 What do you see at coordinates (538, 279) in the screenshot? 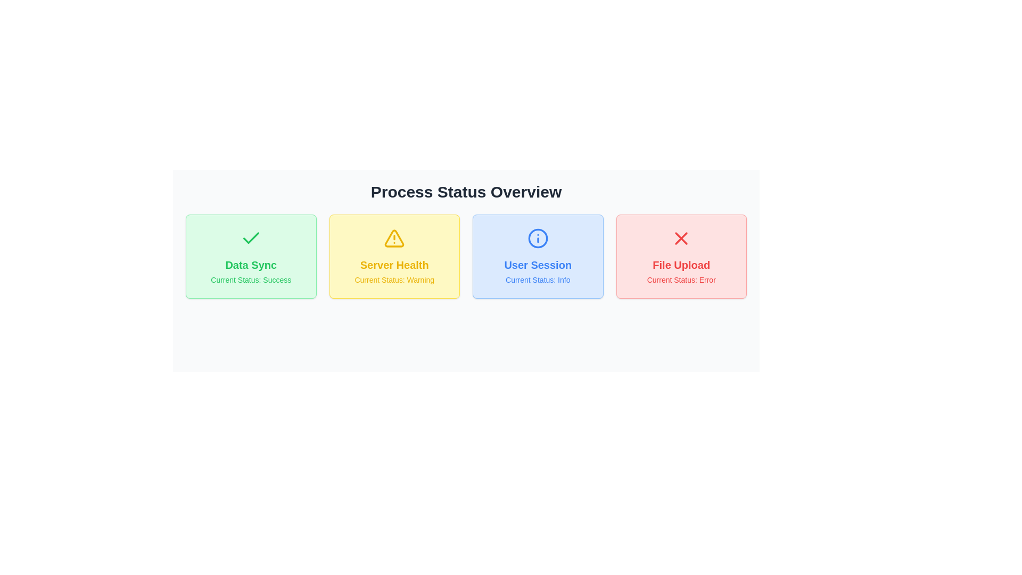
I see `the text label displaying 'Current Status: Info', which is located directly below the 'User Session' heading in the blue background card` at bounding box center [538, 279].